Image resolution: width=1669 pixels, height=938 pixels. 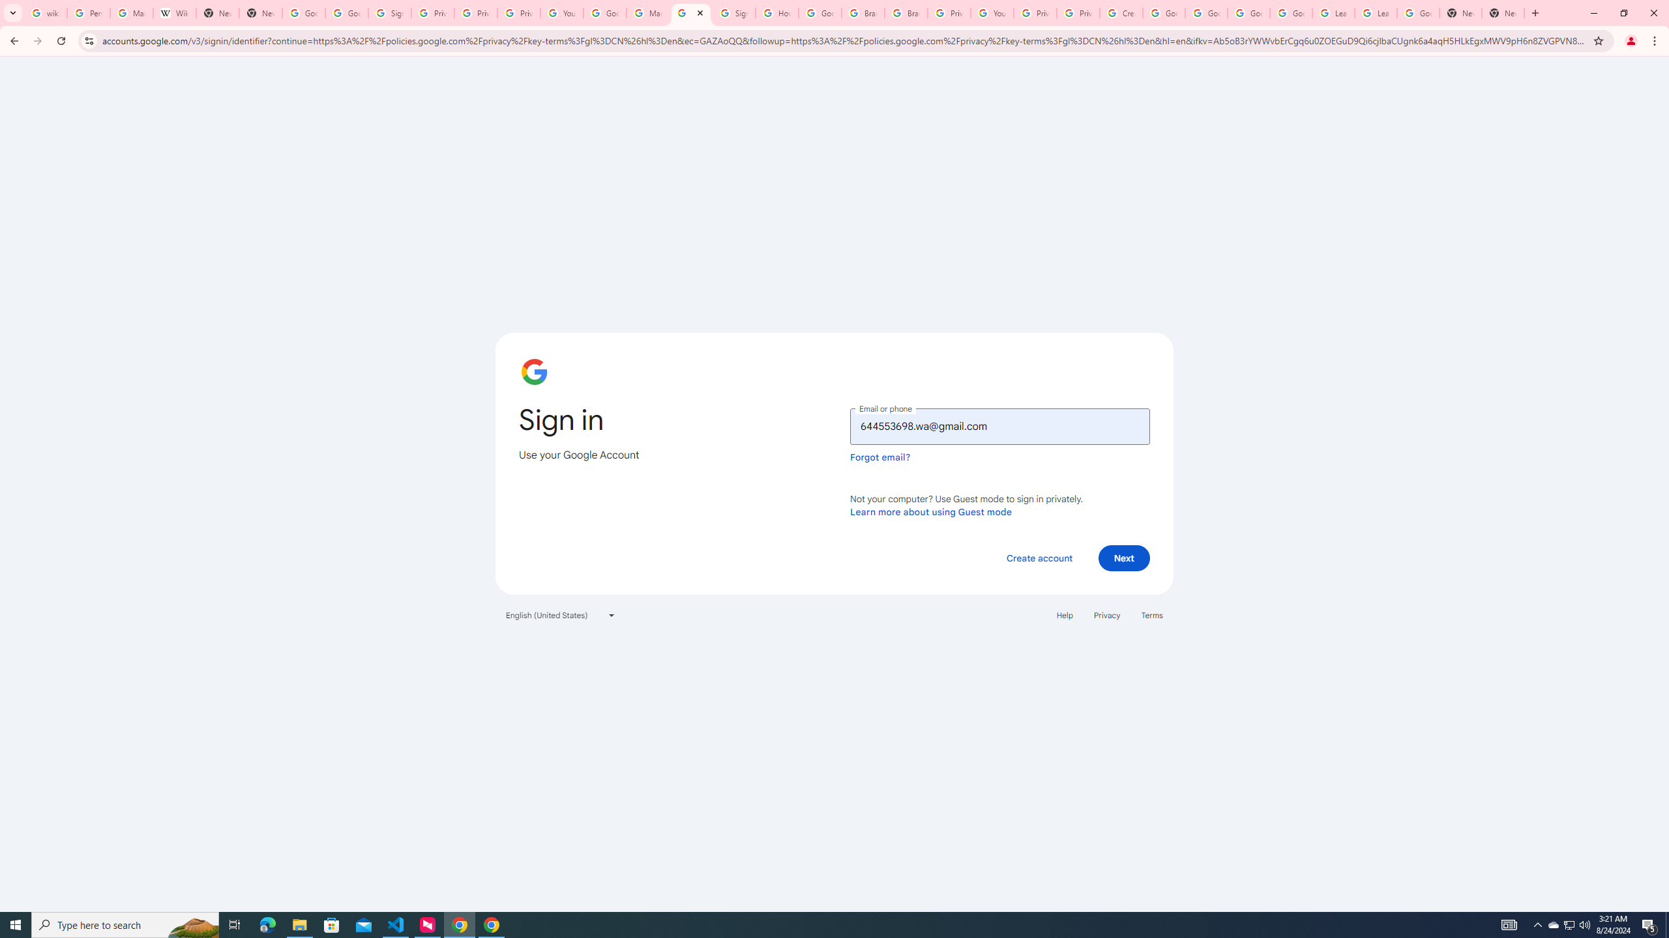 I want to click on 'New Tab', so click(x=1502, y=12).